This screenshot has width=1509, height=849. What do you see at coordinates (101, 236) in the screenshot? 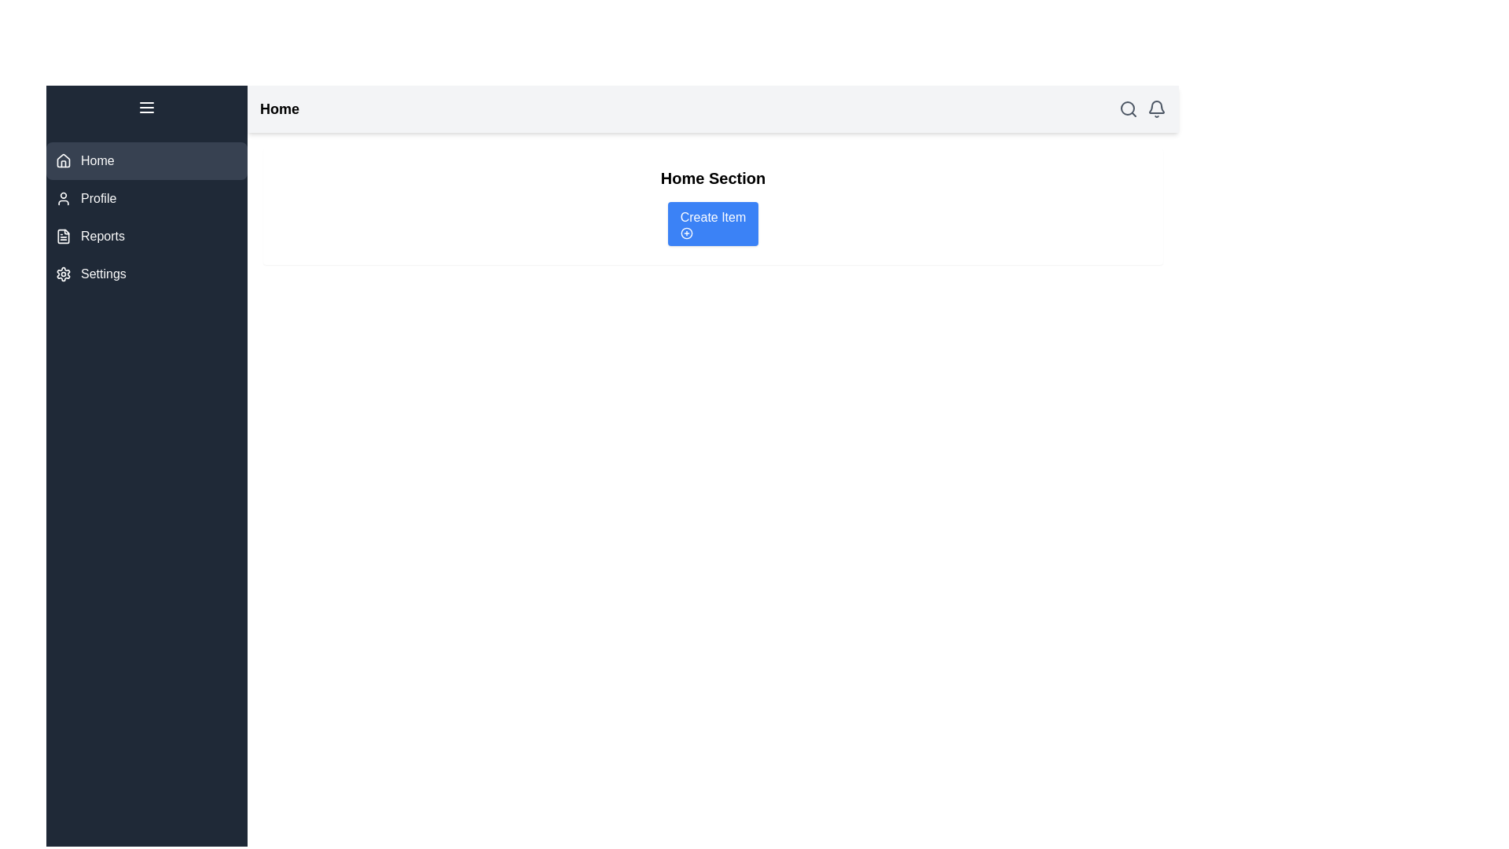
I see `the 'Reports' text label in the vertical navigation menu, which is styled in white font on a dark background and positioned between 'Profile' and 'Settings'` at bounding box center [101, 236].